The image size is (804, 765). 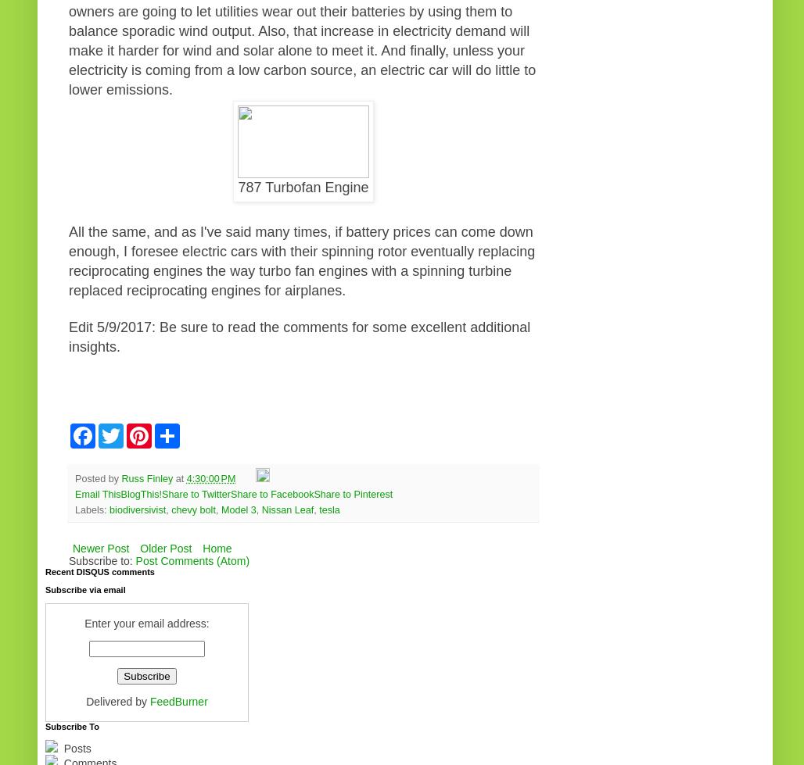 What do you see at coordinates (67, 559) in the screenshot?
I see `'Subscribe to:'` at bounding box center [67, 559].